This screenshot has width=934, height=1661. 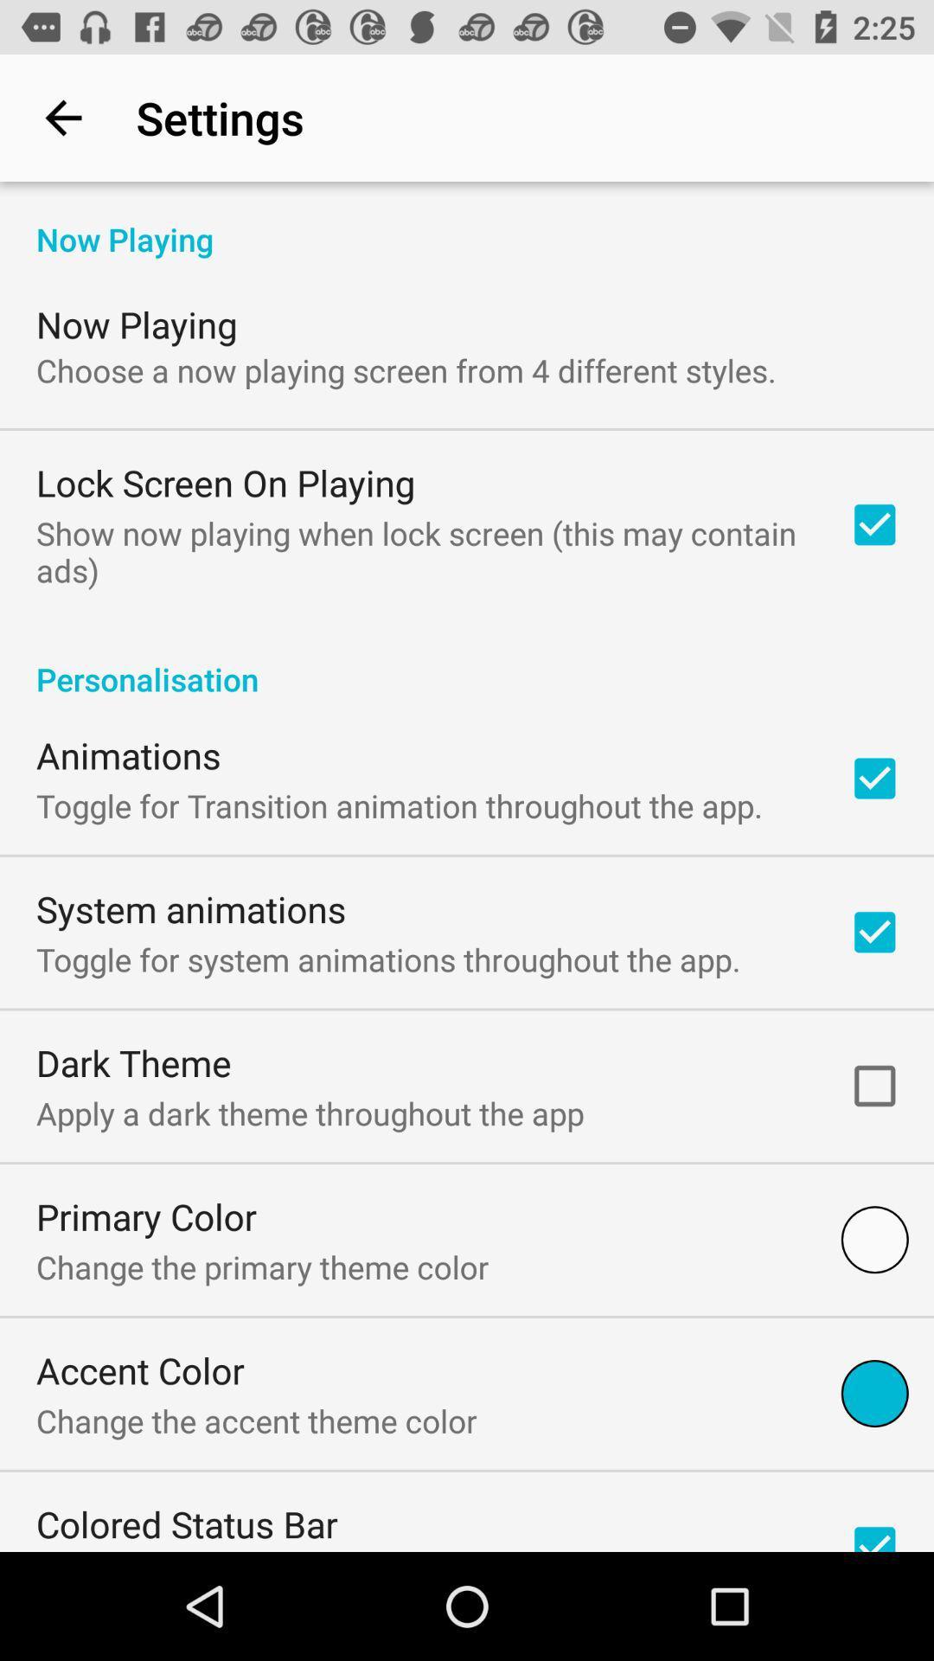 What do you see at coordinates (62, 117) in the screenshot?
I see `the icon to the left of settings` at bounding box center [62, 117].